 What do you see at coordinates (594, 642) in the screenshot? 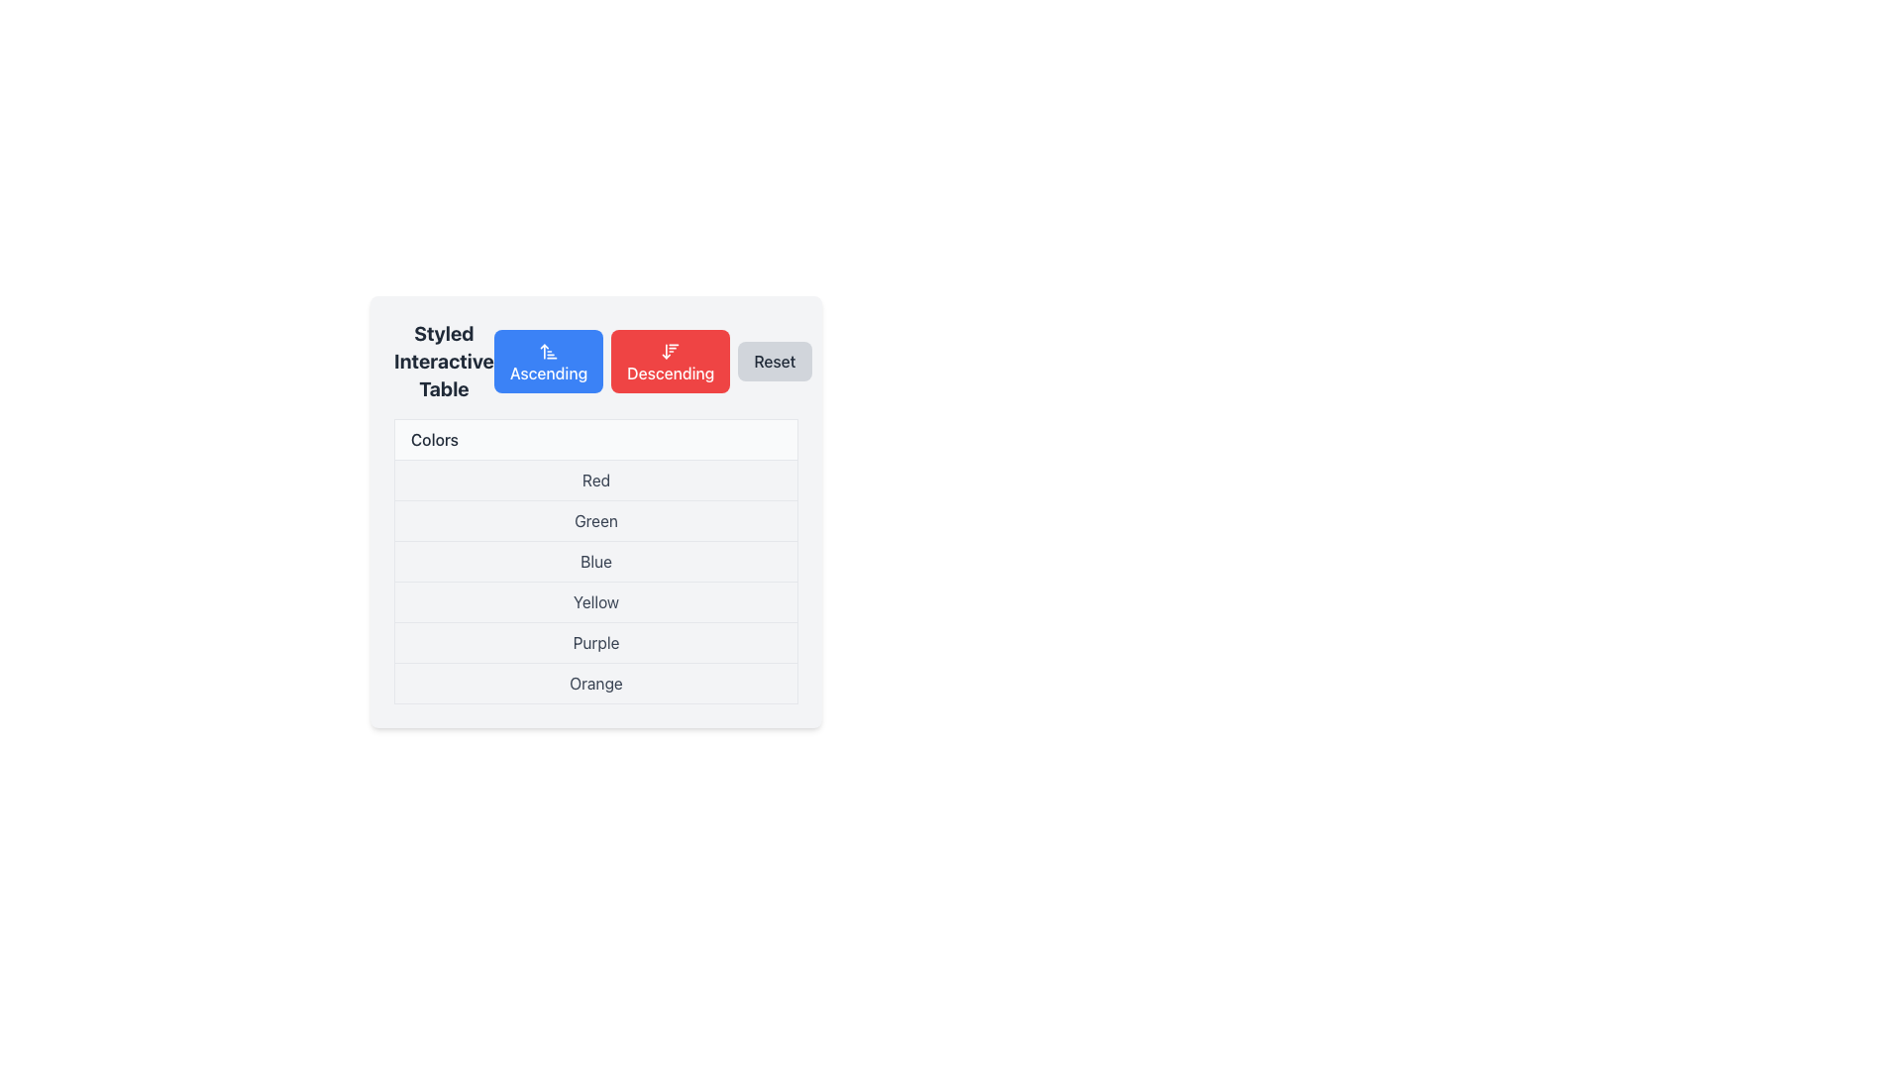
I see `the list item containing the text 'Purple', which is the fifth item in a list of color options, situated between 'Yellow' and 'Orange'` at bounding box center [594, 642].